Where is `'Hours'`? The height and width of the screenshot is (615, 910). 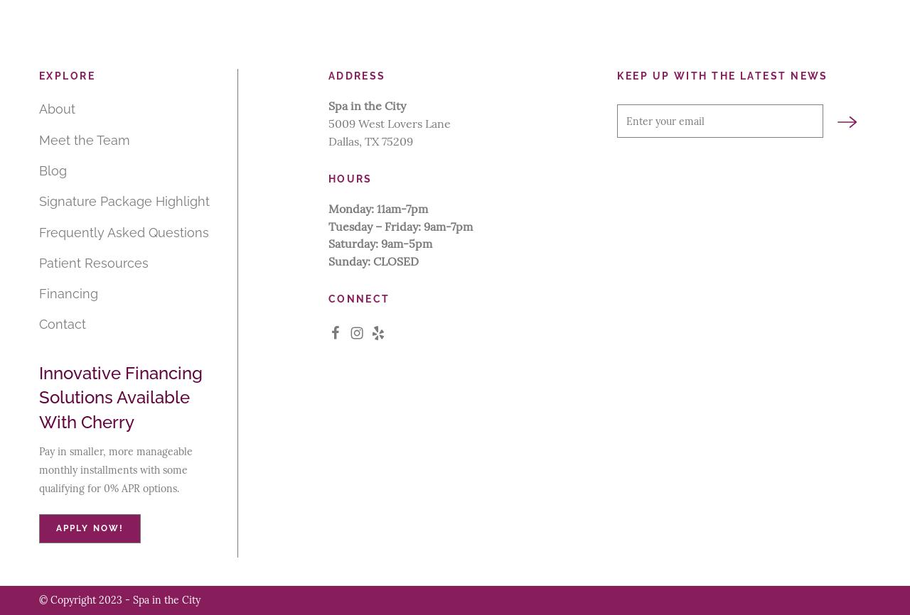
'Hours' is located at coordinates (350, 177).